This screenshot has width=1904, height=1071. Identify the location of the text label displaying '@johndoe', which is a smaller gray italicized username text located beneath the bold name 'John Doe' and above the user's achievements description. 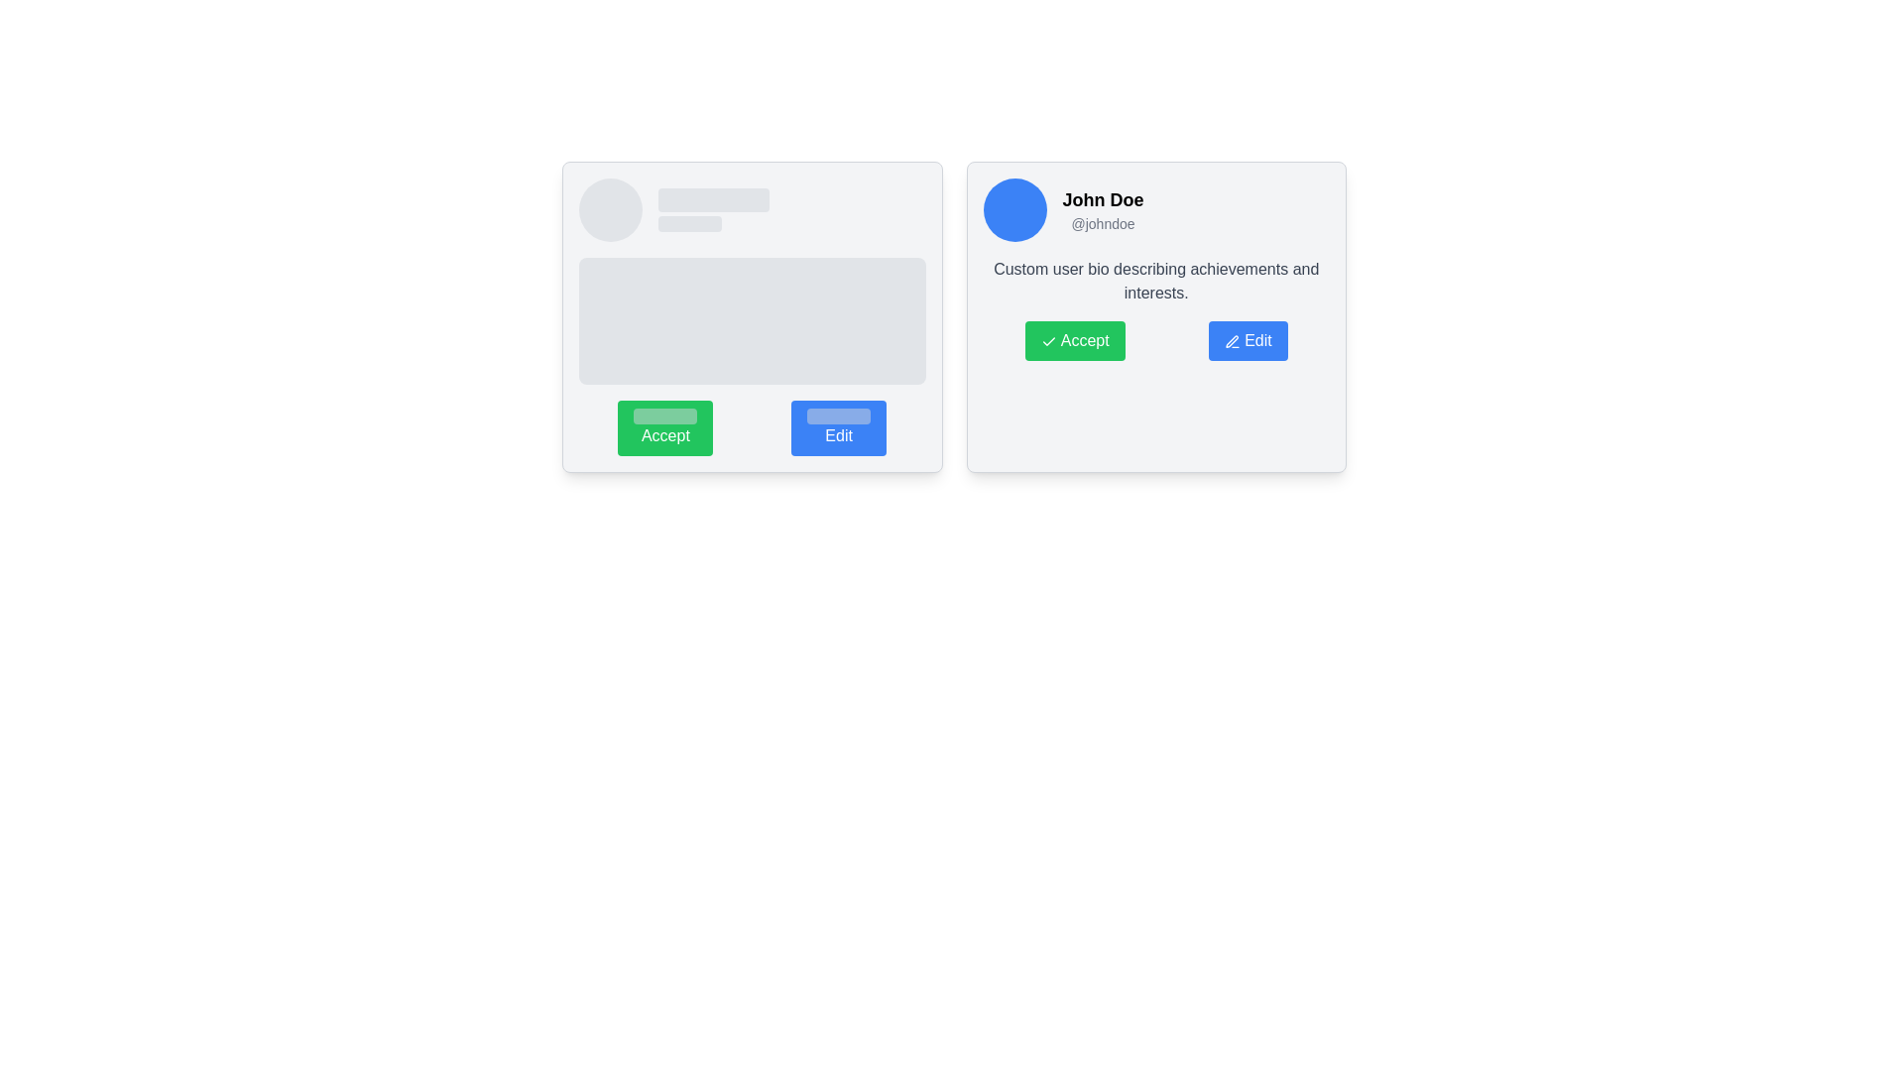
(1102, 223).